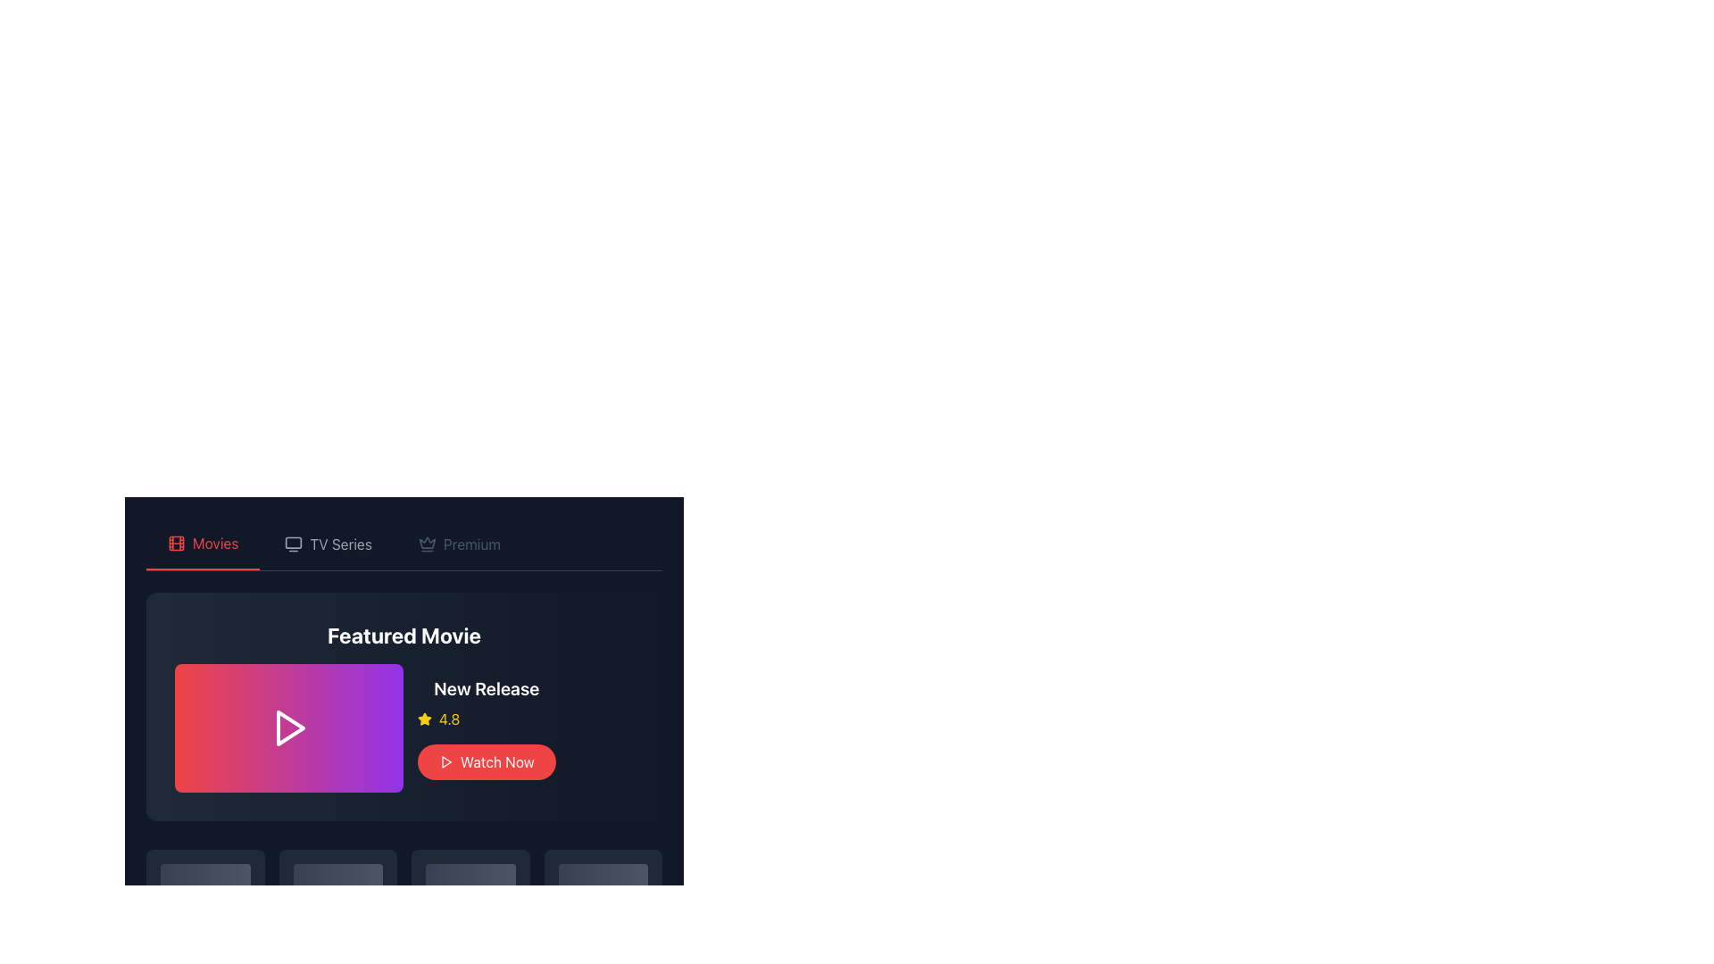  What do you see at coordinates (459, 543) in the screenshot?
I see `the 'Premium' button in the navigation menu, which is labeled with a crown icon and styled with gray text, indicating it is currently disabled` at bounding box center [459, 543].